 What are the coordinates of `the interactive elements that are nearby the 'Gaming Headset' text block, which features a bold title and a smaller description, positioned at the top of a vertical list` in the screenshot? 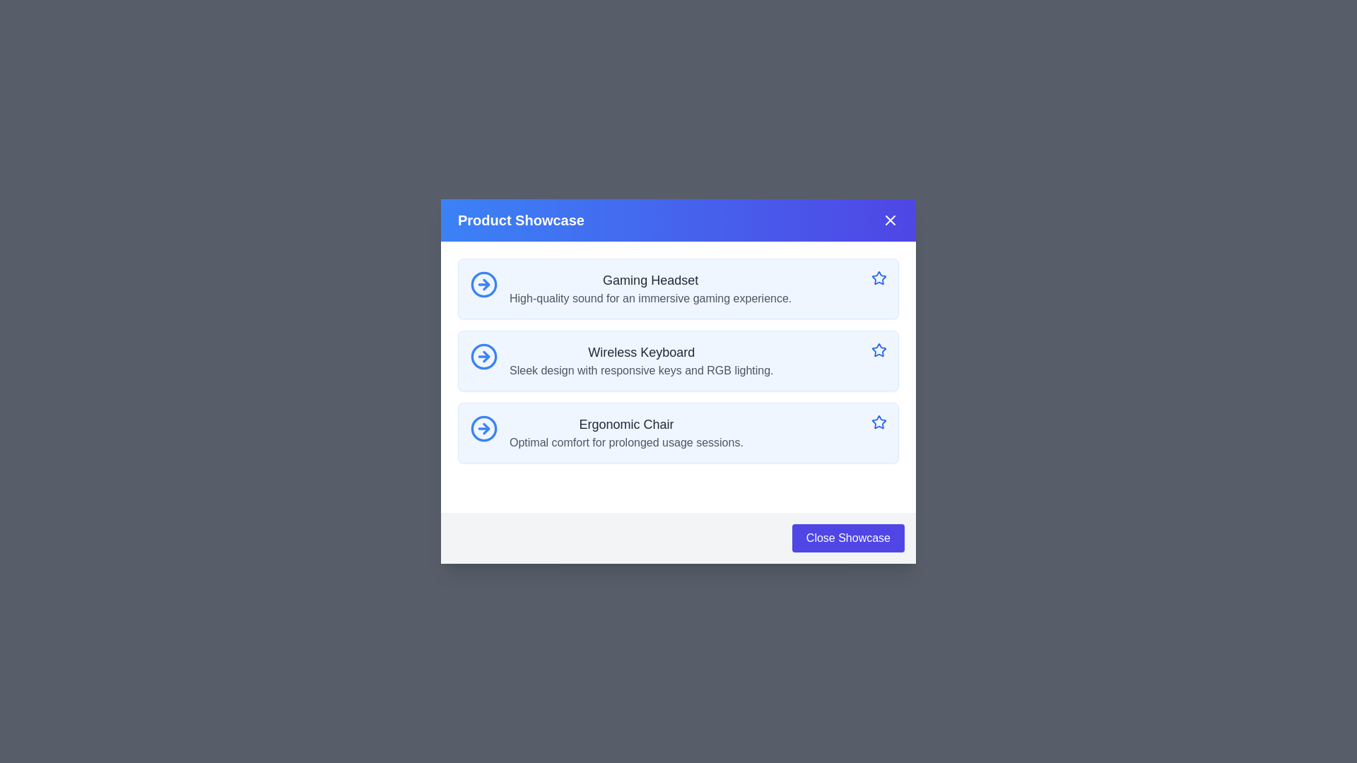 It's located at (650, 288).